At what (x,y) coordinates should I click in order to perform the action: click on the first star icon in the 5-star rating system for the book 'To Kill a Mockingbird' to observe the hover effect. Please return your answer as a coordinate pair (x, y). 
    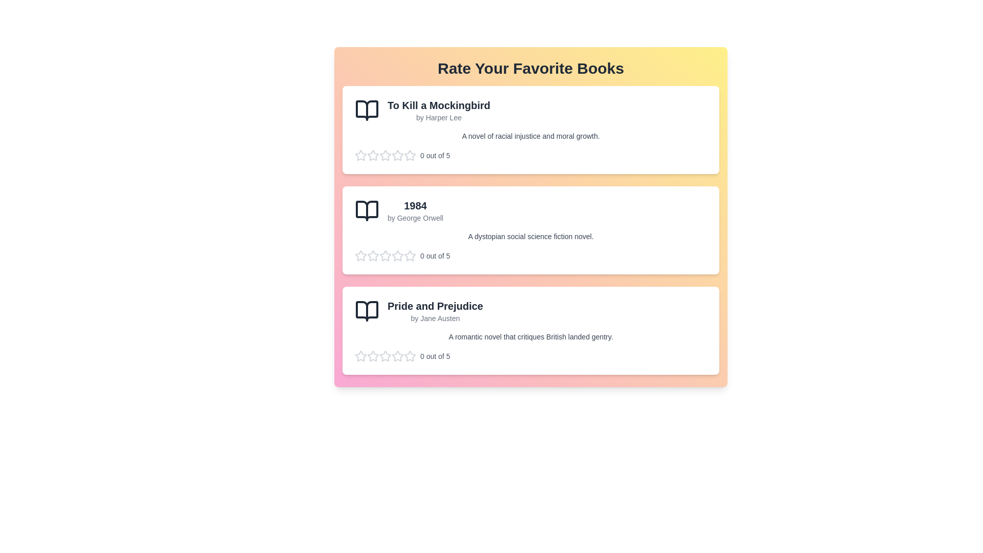
    Looking at the image, I should click on (361, 156).